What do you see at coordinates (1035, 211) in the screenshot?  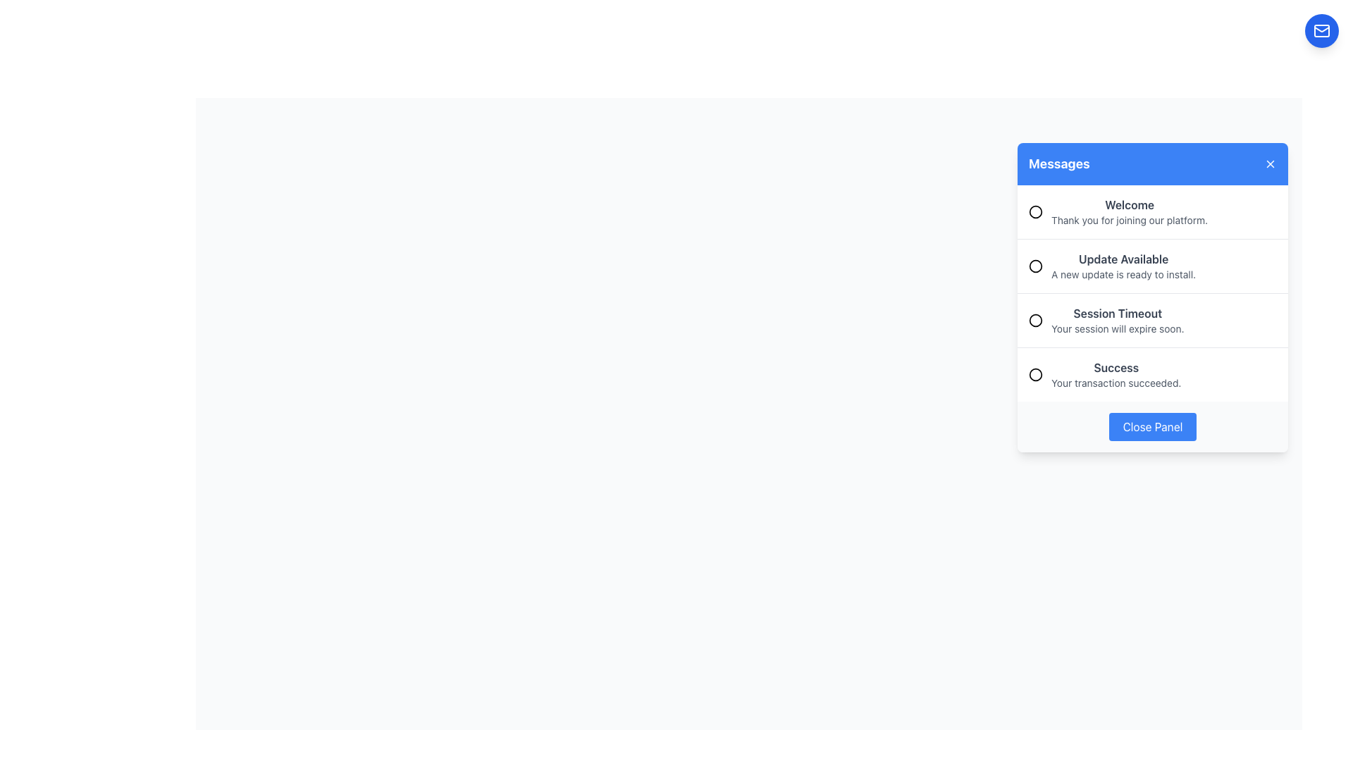 I see `the Circle (SVG Element) that serves as an icon or status indicator for the first message item in the 'Messages' panel, located to the left of the 'Welcome' message` at bounding box center [1035, 211].